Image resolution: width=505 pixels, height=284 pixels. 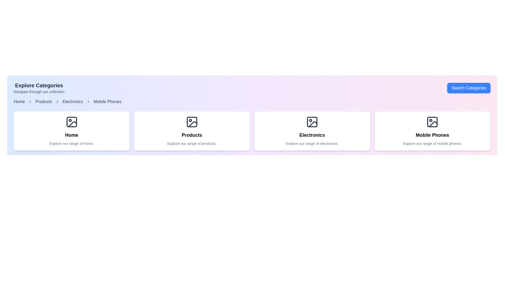 I want to click on the minimalistic photo icon located at the top of the 'Electronics' card, which is the third card in a row of four cards, so click(x=312, y=122).